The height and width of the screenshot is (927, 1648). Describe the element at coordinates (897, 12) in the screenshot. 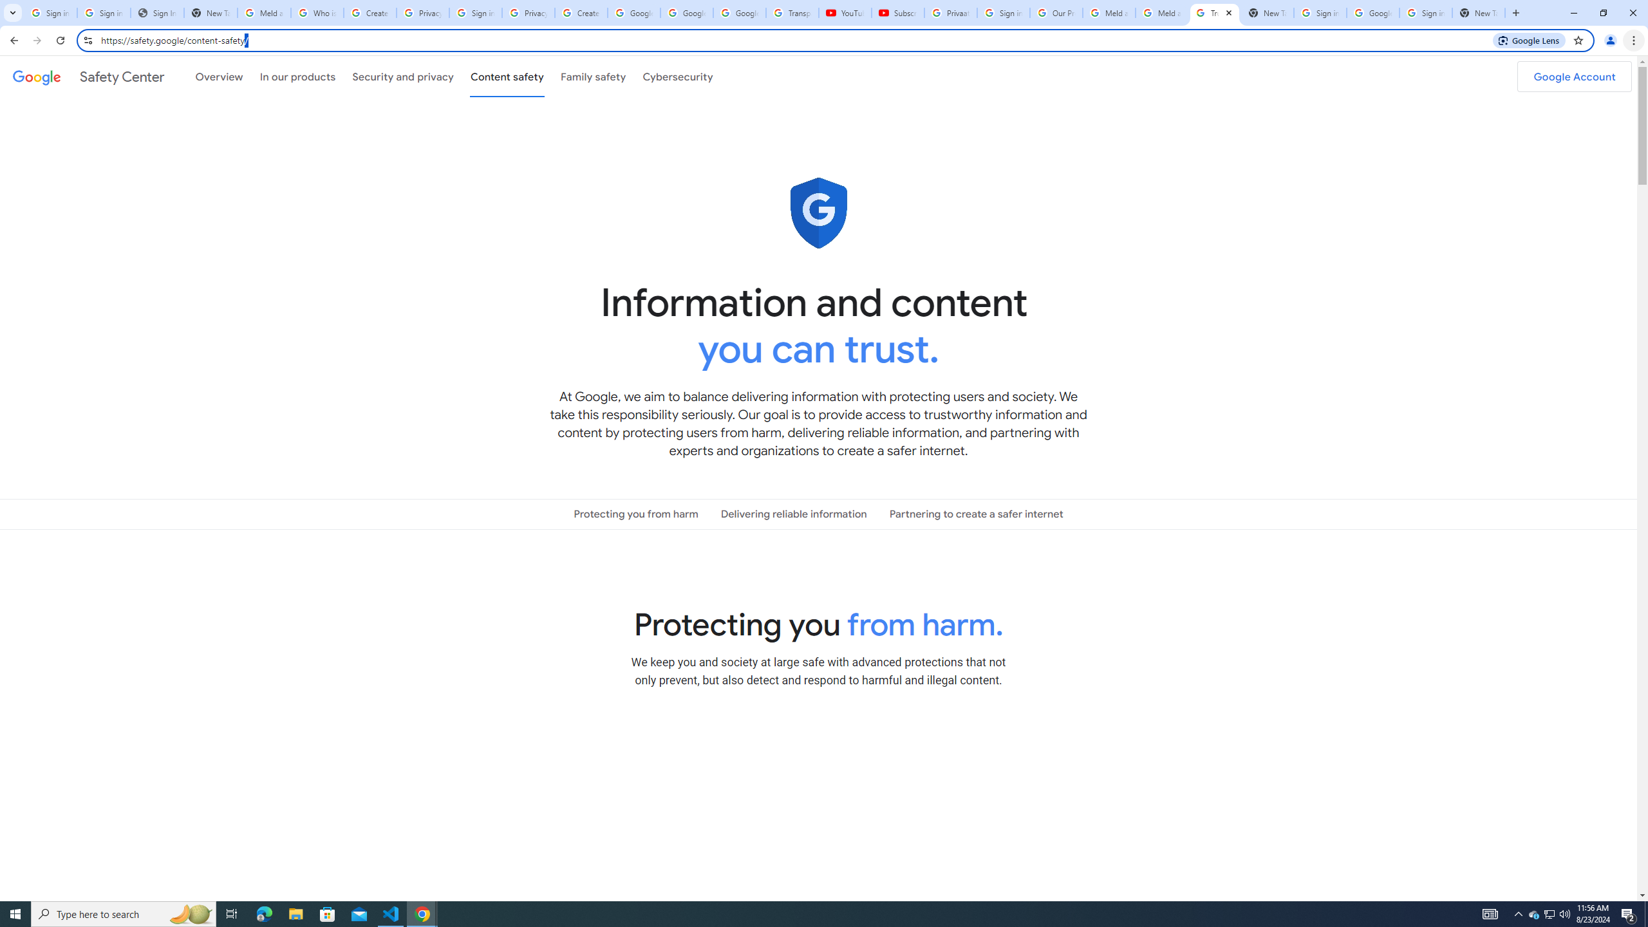

I see `'Subscriptions - YouTube'` at that location.